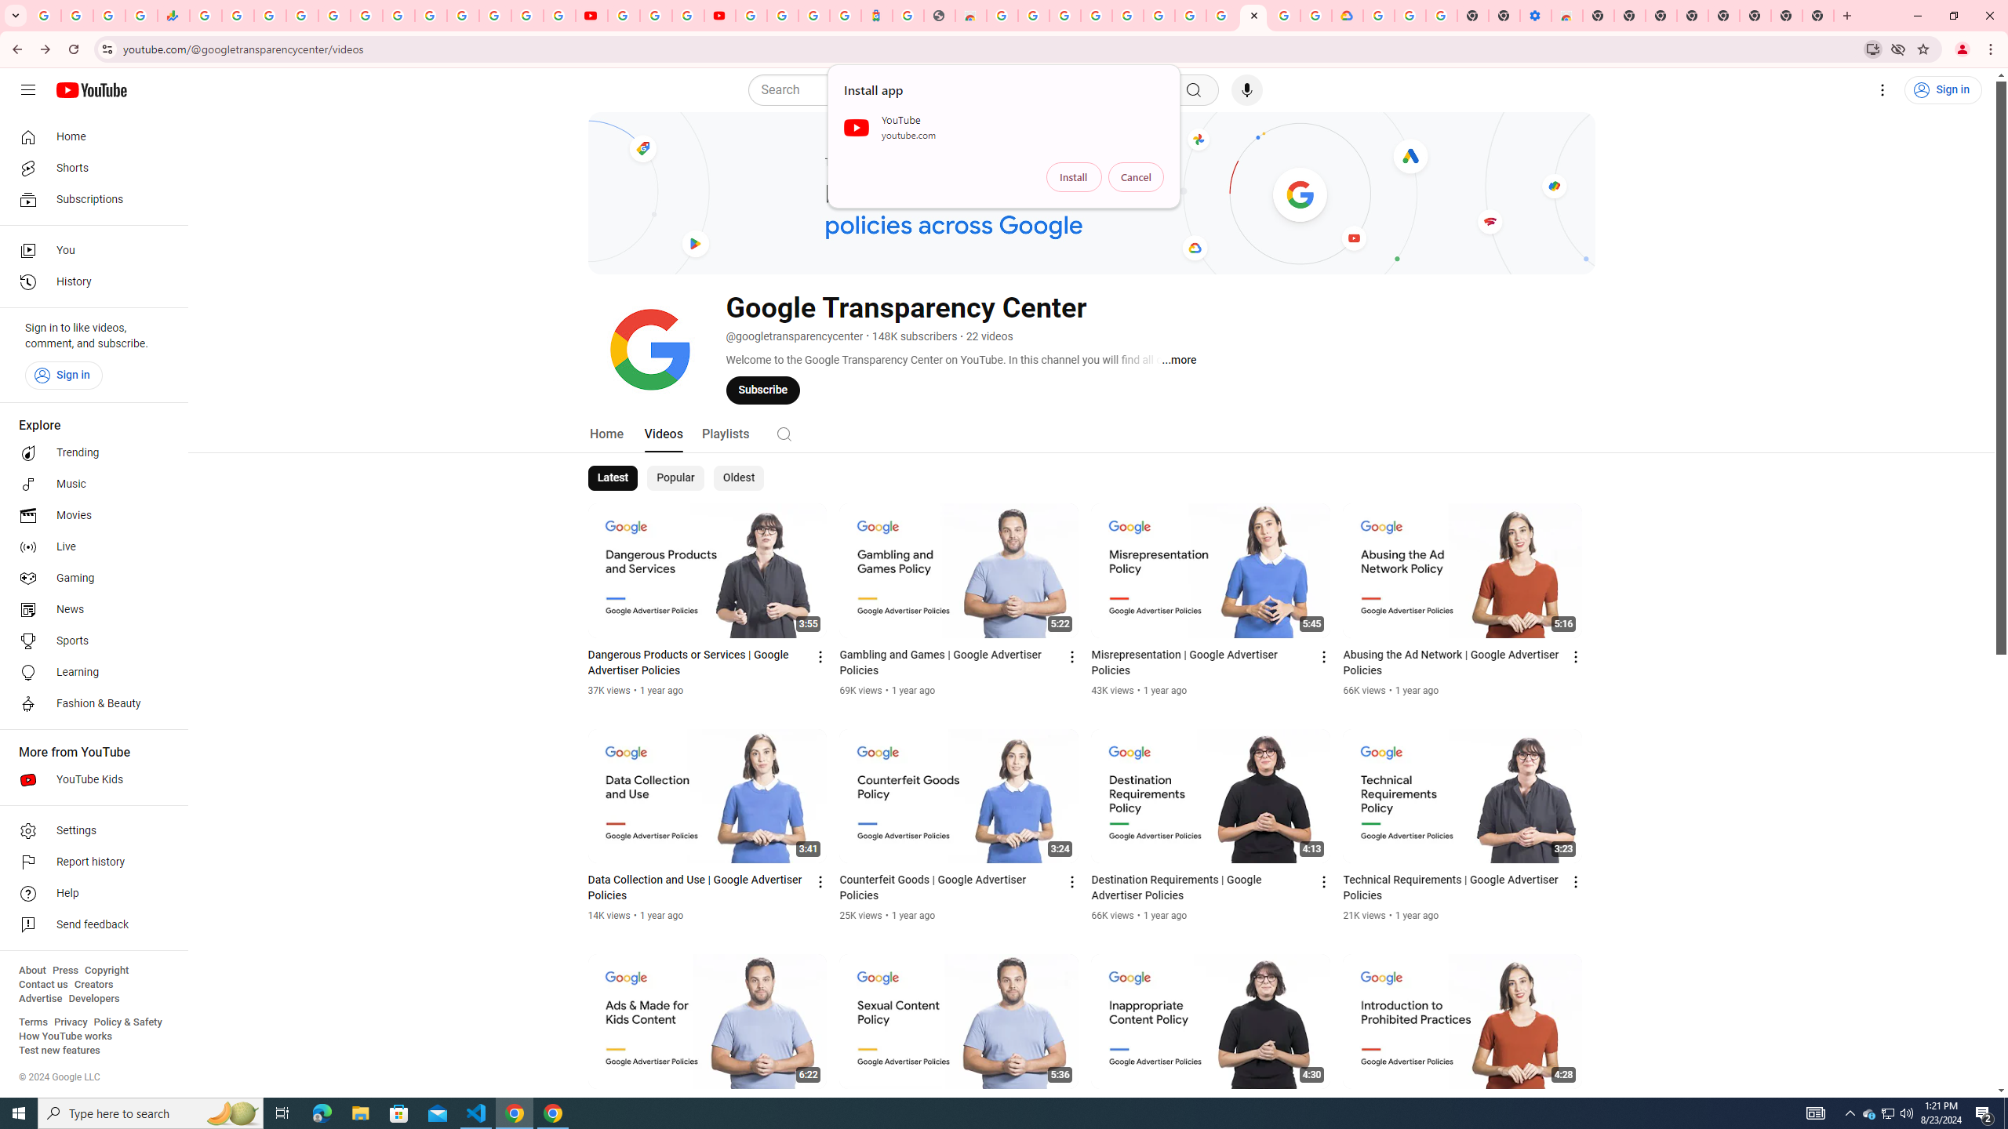 This screenshot has height=1129, width=2008. Describe the element at coordinates (1566, 15) in the screenshot. I see `'Chrome Web Store - Accessibility extensions'` at that location.